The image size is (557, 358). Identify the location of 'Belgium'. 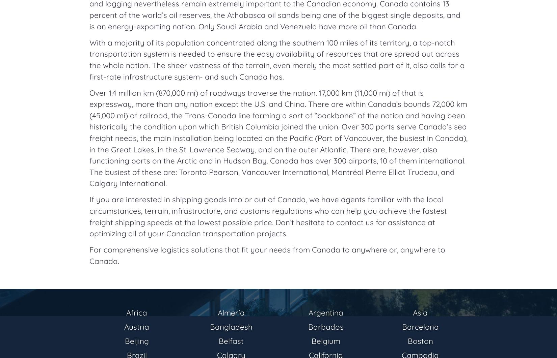
(325, 340).